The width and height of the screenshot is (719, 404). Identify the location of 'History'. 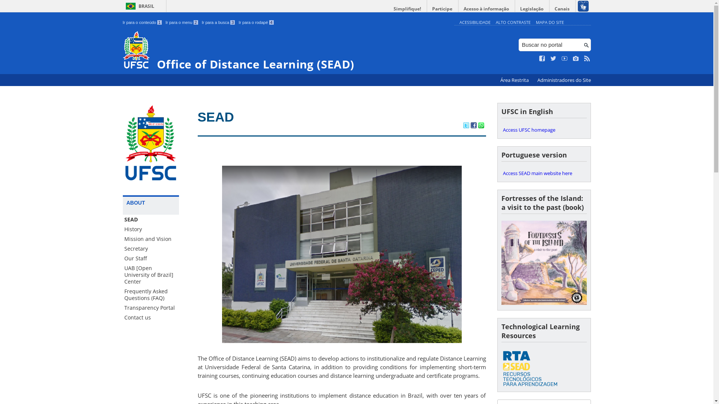
(151, 229).